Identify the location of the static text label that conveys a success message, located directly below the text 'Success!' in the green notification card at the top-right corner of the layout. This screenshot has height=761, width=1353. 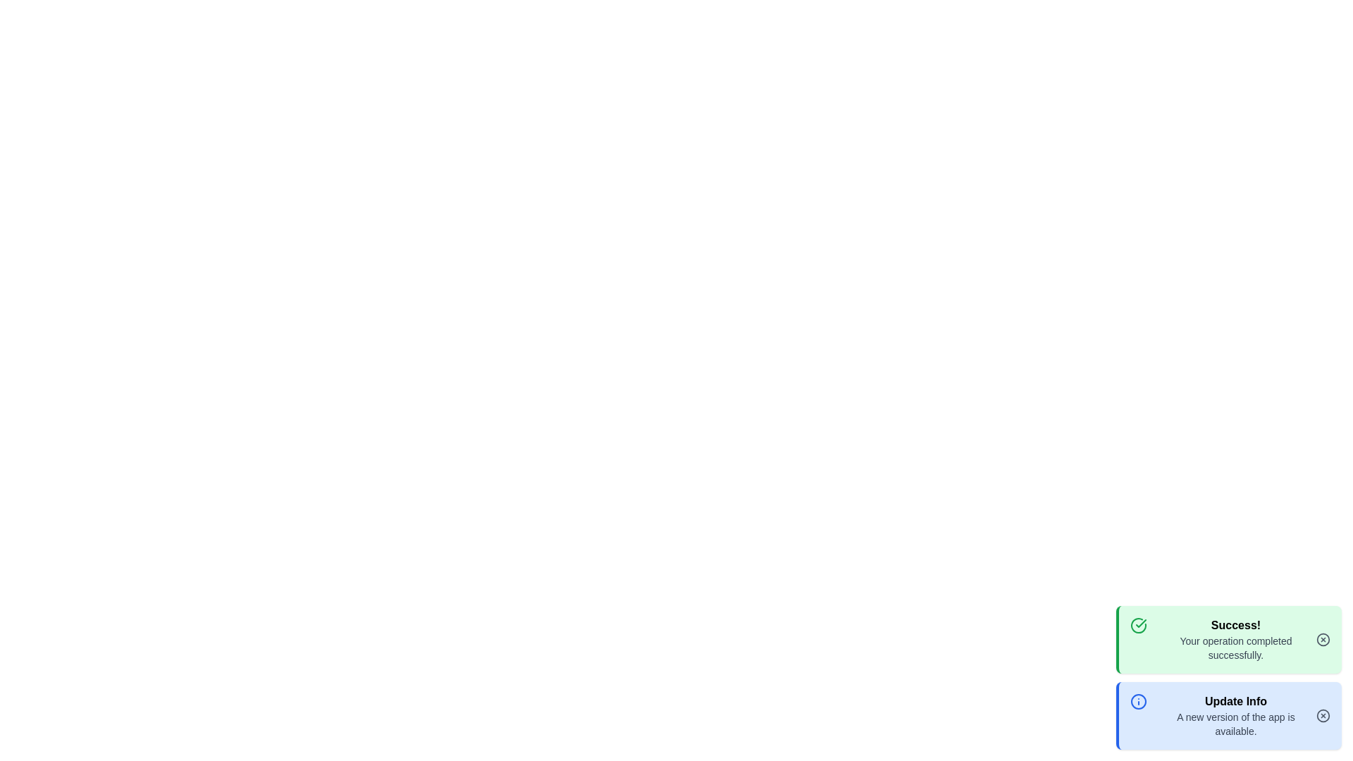
(1235, 648).